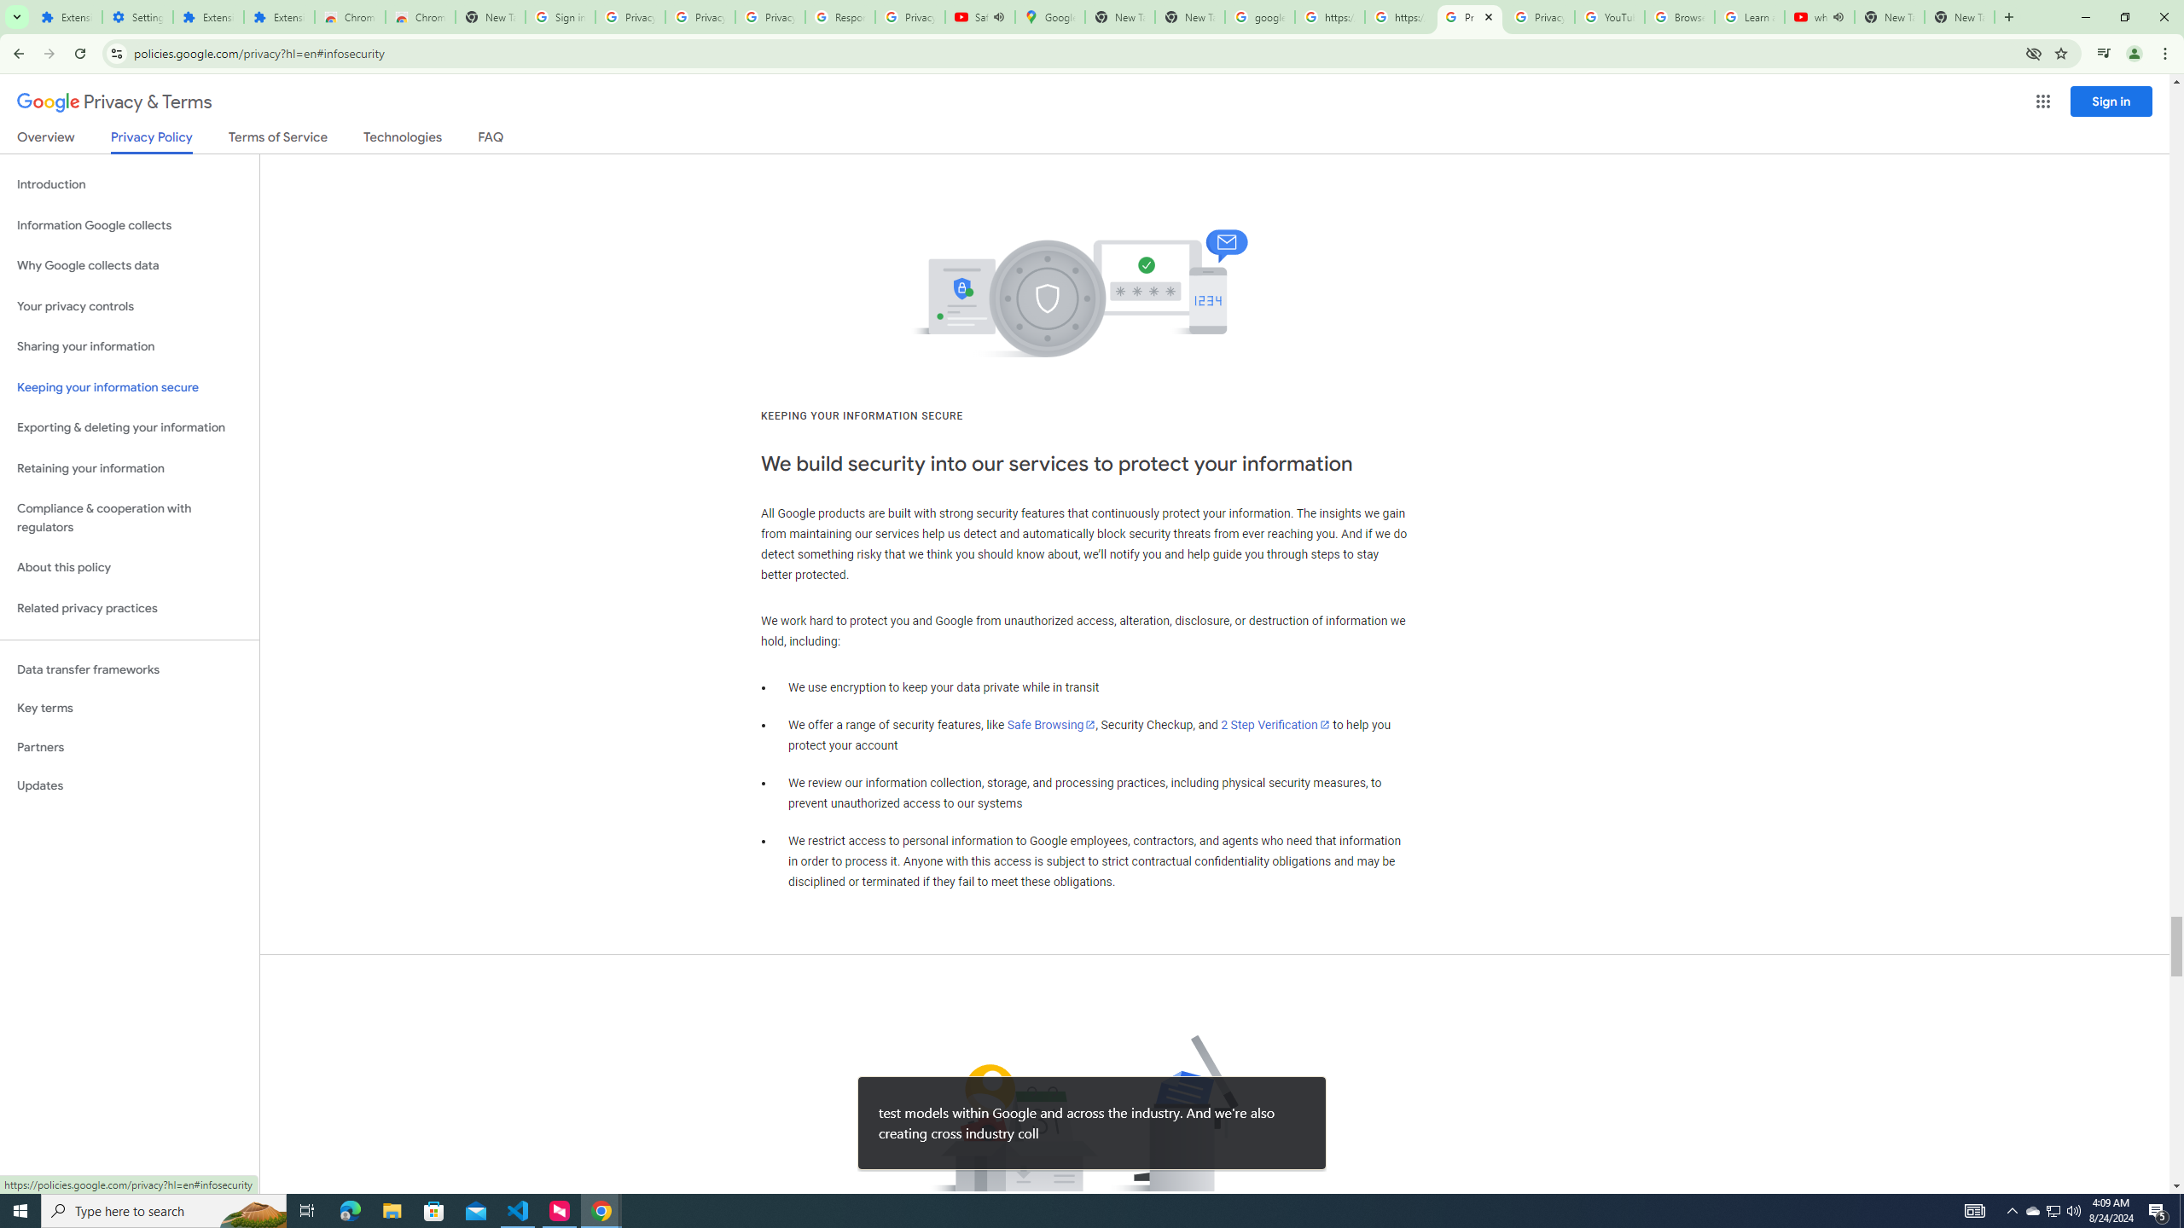  Describe the element at coordinates (1679, 16) in the screenshot. I see `'Browse Chrome as a guest - Computer - Google Chrome Help'` at that location.